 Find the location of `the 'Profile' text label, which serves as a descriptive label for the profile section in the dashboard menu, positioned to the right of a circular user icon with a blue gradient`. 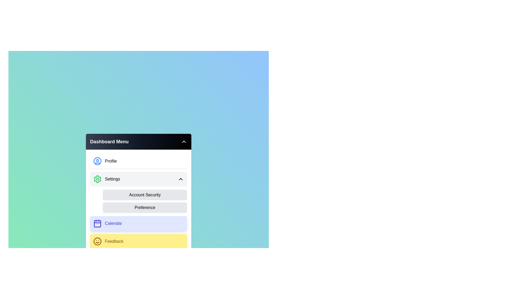

the 'Profile' text label, which serves as a descriptive label for the profile section in the dashboard menu, positioned to the right of a circular user icon with a blue gradient is located at coordinates (110, 161).